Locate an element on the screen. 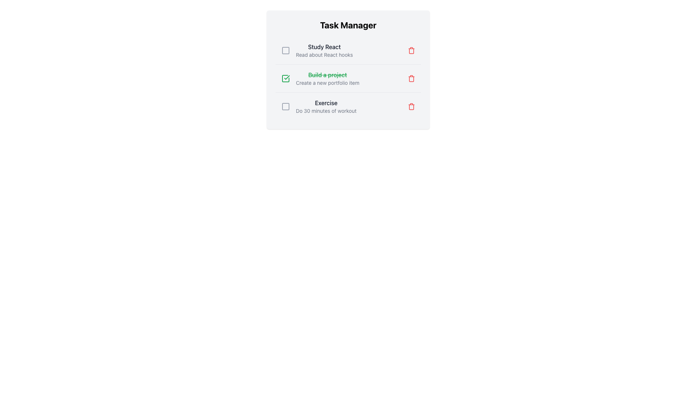 This screenshot has height=393, width=698. the text element that reads 'Build a project' with a strikethrough styled in green and 'Create a new portfolio item' in smaller gray font, located as the second item is located at coordinates (320, 79).